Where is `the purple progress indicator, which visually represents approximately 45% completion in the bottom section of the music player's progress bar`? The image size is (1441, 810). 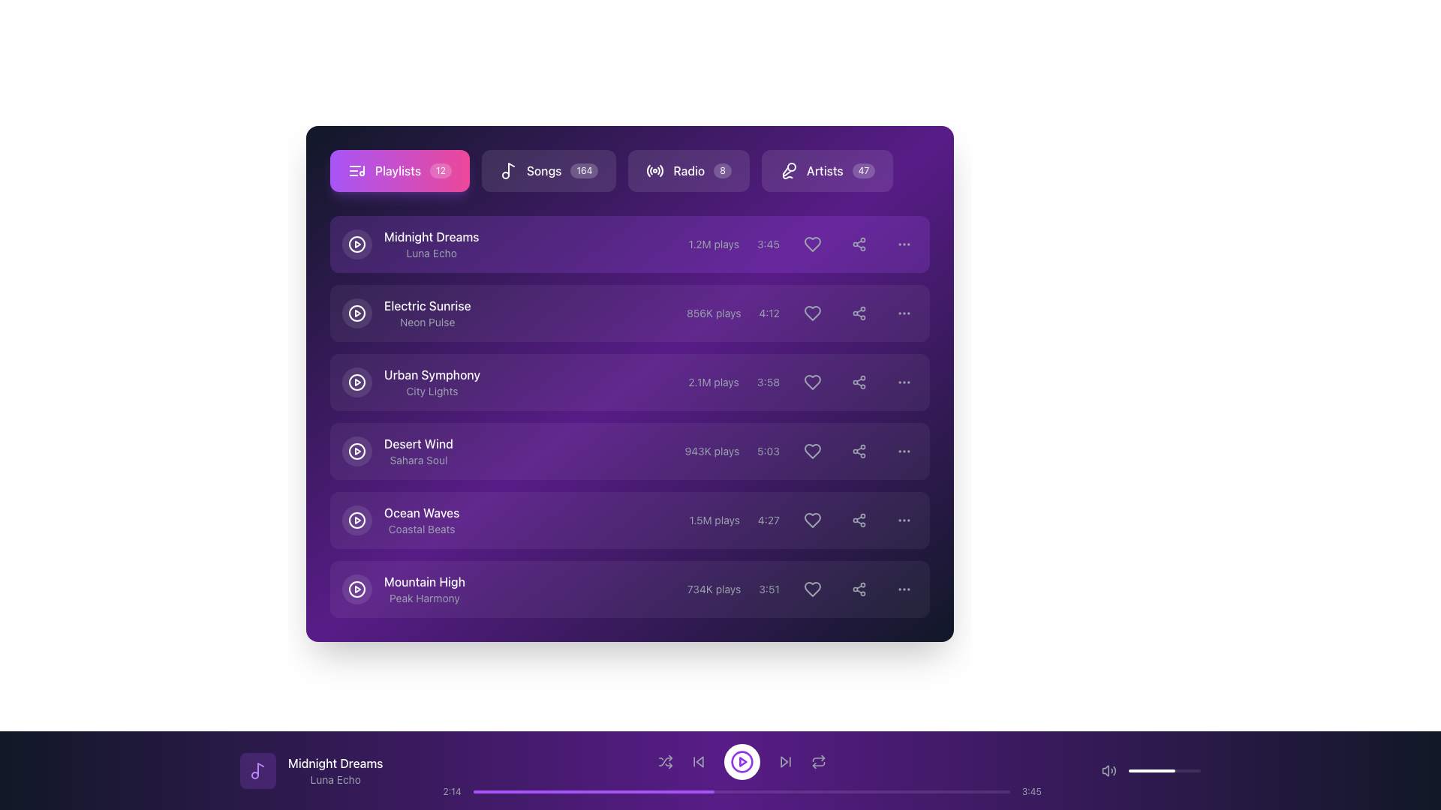 the purple progress indicator, which visually represents approximately 45% completion in the bottom section of the music player's progress bar is located at coordinates (593, 791).